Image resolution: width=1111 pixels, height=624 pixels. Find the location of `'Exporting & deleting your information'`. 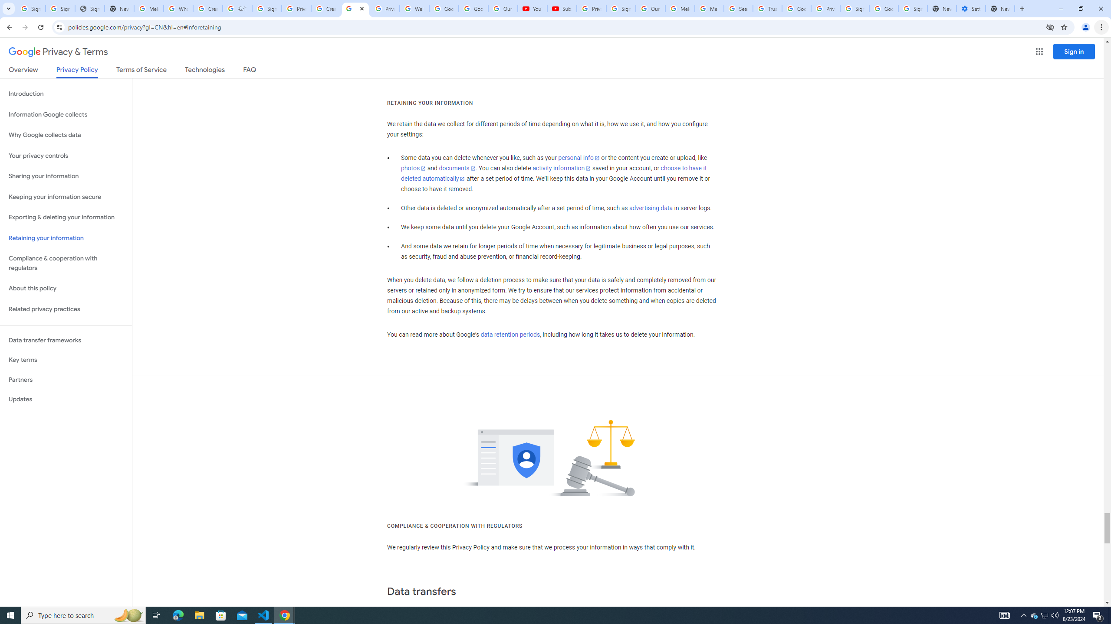

'Exporting & deleting your information' is located at coordinates (66, 217).